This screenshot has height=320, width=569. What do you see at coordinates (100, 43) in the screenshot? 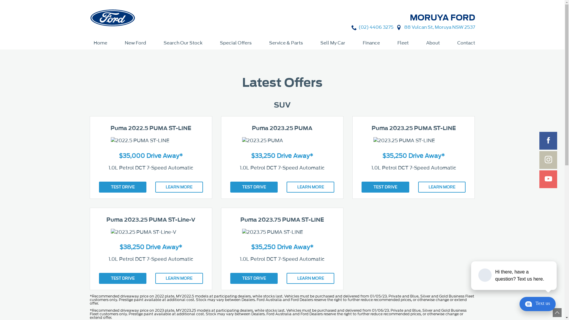
I see `'Home'` at bounding box center [100, 43].